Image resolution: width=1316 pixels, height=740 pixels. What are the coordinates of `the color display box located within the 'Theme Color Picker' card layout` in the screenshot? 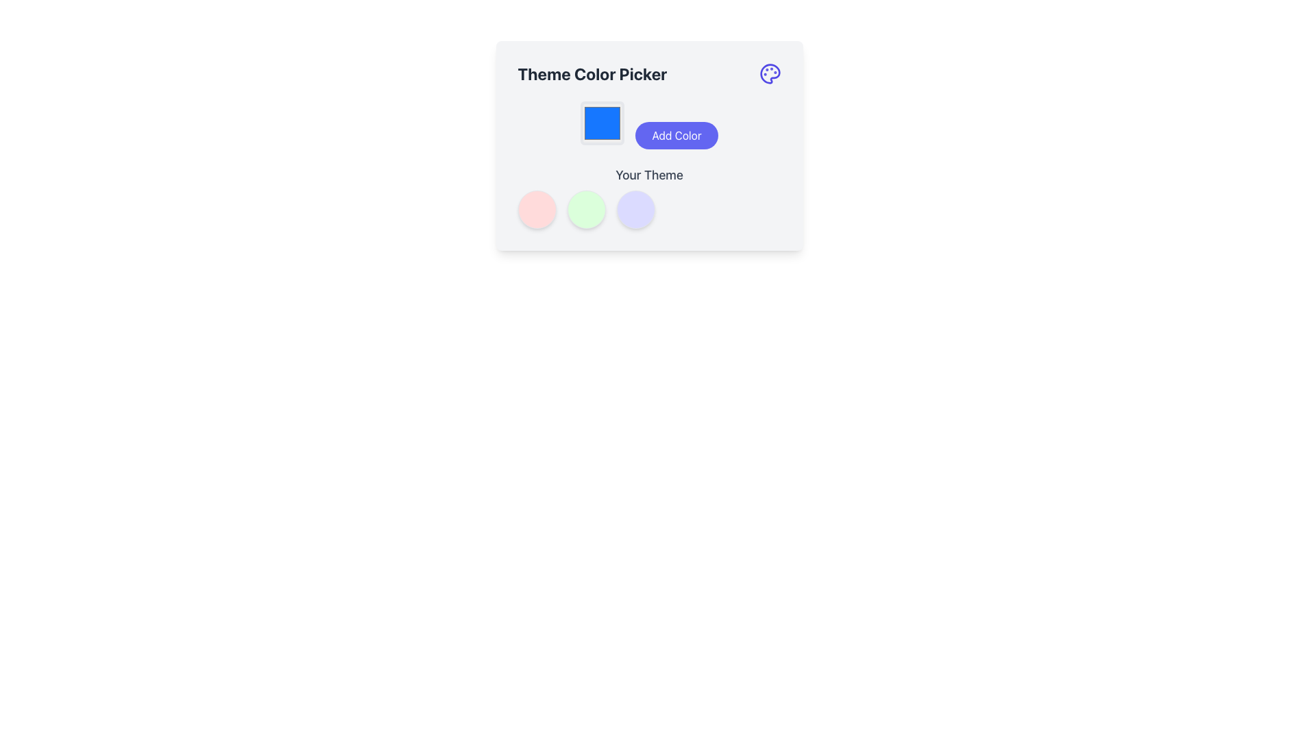 It's located at (602, 123).